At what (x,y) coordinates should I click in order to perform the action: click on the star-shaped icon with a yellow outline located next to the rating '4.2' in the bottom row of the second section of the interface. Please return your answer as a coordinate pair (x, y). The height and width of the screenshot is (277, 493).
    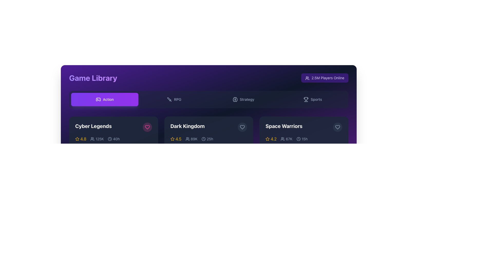
    Looking at the image, I should click on (267, 139).